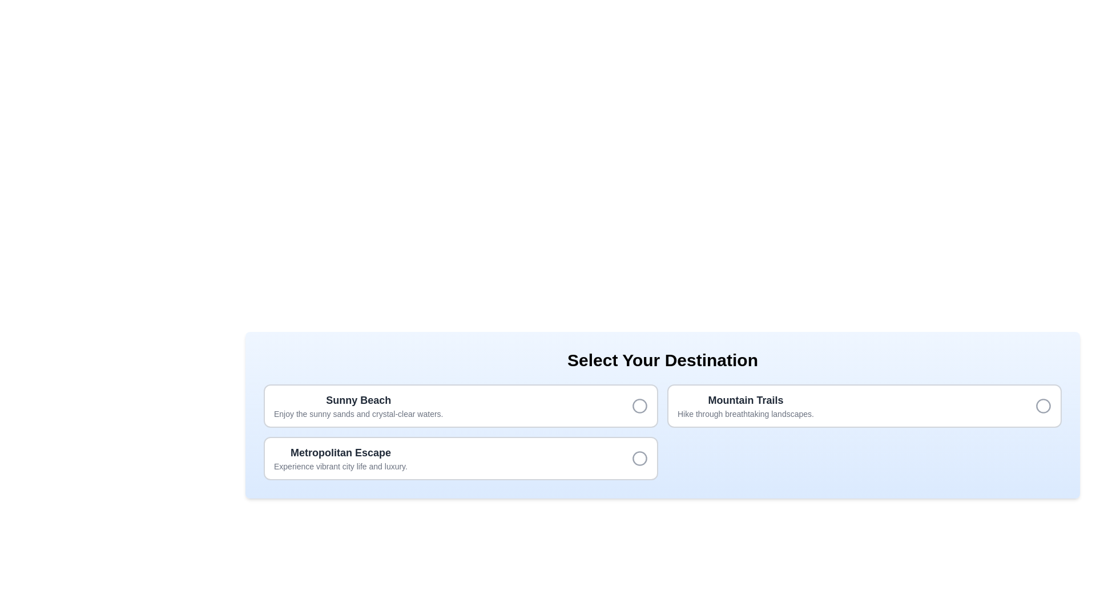 The height and width of the screenshot is (616, 1096). What do you see at coordinates (358, 406) in the screenshot?
I see `title 'Sunny Beach' and the description 'Enjoy the sunny sands and crystal-clear waters.' from the text label located in the upper-left portion of the selectable options list` at bounding box center [358, 406].